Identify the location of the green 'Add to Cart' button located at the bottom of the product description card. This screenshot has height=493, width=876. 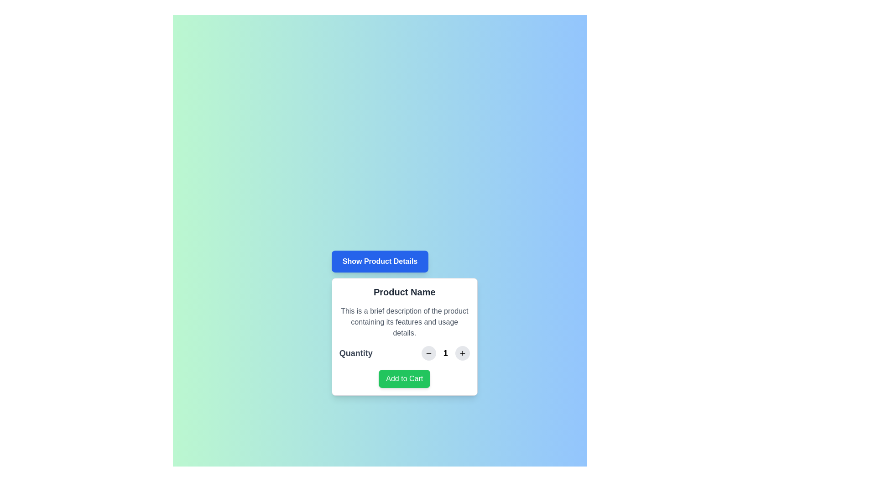
(404, 378).